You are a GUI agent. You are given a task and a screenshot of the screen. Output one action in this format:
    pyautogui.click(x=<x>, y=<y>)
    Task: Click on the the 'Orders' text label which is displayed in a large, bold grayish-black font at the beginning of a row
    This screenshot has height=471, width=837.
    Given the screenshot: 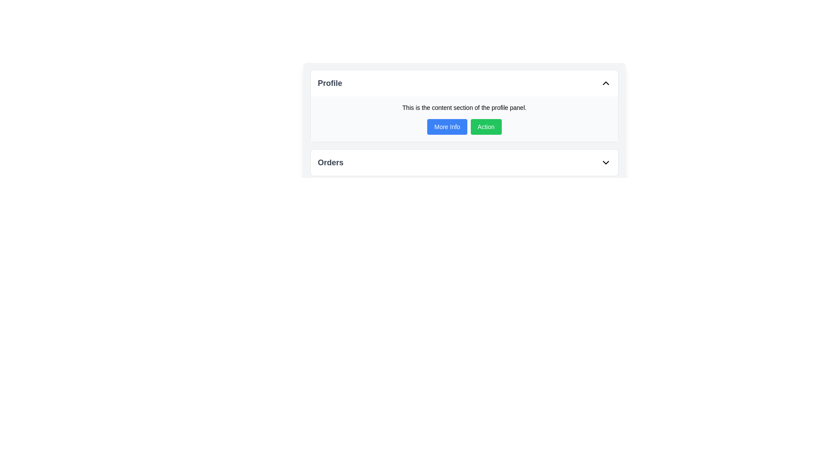 What is the action you would take?
    pyautogui.click(x=330, y=163)
    